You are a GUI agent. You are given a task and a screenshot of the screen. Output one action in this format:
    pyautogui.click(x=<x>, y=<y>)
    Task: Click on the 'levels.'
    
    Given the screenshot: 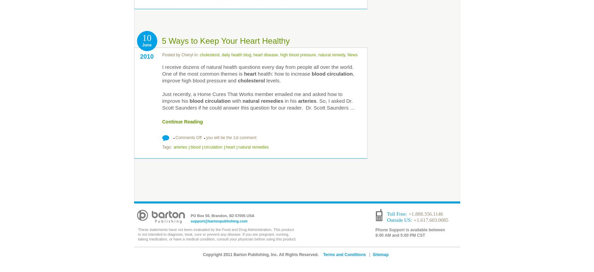 What is the action you would take?
    pyautogui.click(x=272, y=80)
    